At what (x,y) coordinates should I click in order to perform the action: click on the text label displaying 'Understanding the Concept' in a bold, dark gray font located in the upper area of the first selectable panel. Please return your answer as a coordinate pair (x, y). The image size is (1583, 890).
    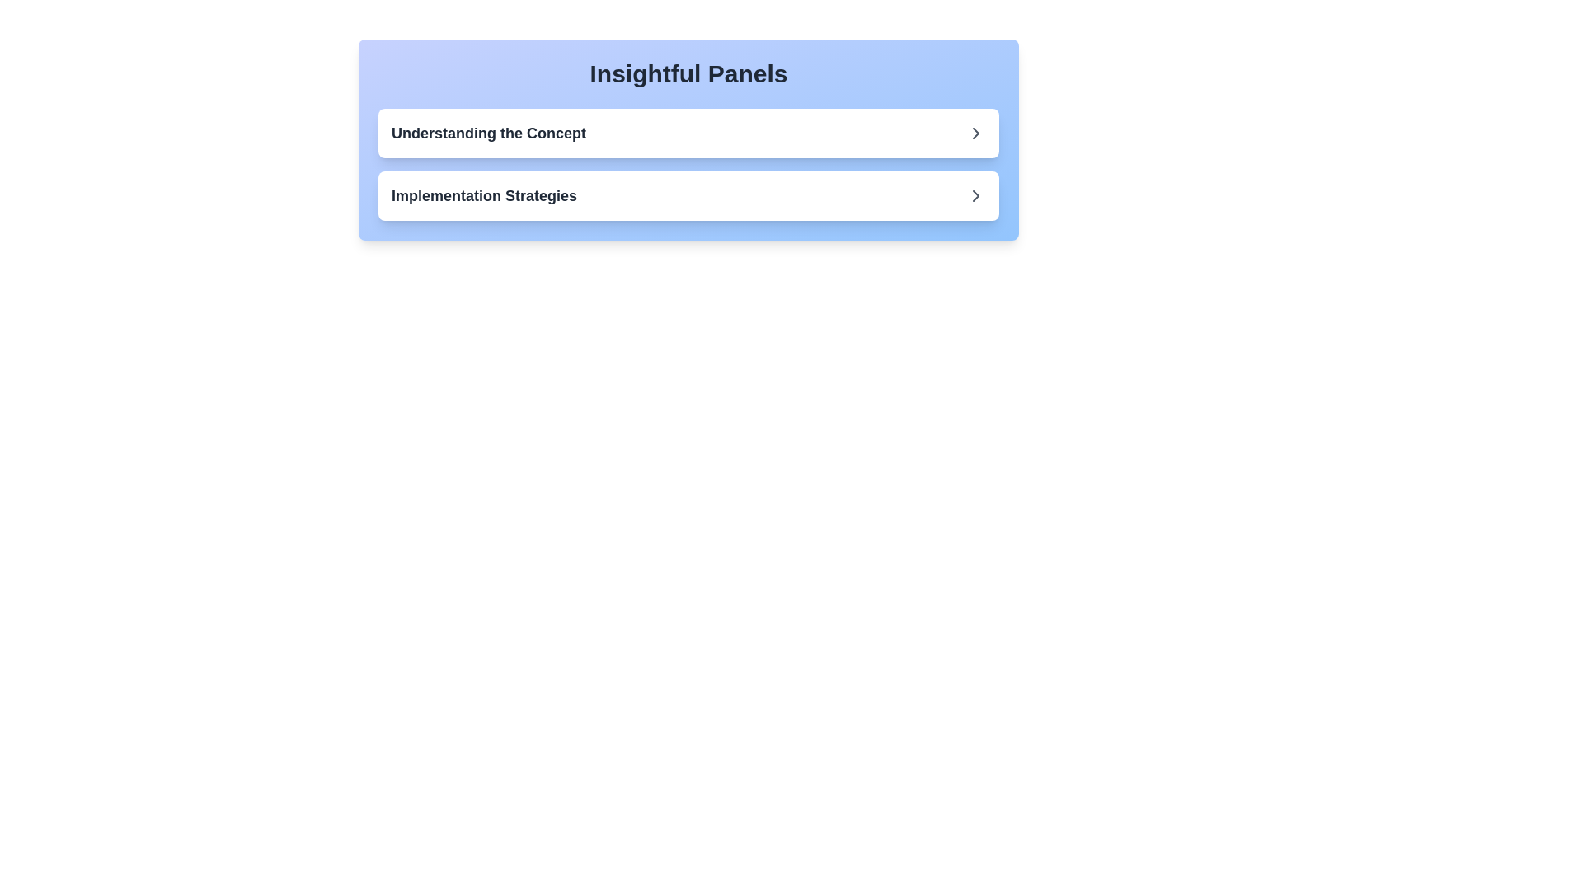
    Looking at the image, I should click on (488, 133).